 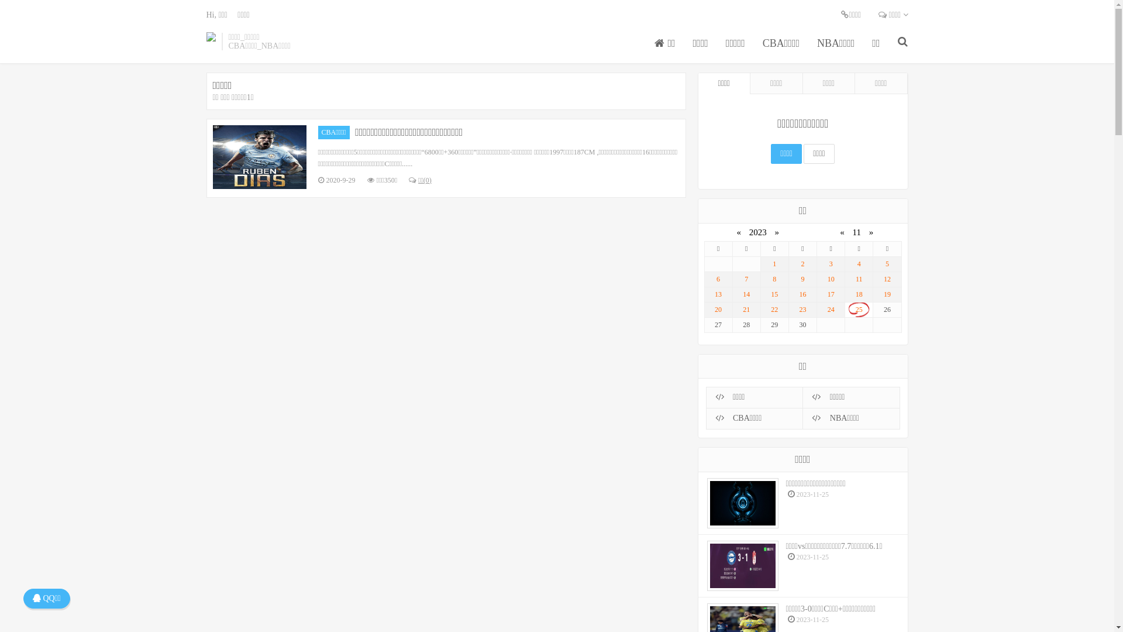 What do you see at coordinates (859, 294) in the screenshot?
I see `'18'` at bounding box center [859, 294].